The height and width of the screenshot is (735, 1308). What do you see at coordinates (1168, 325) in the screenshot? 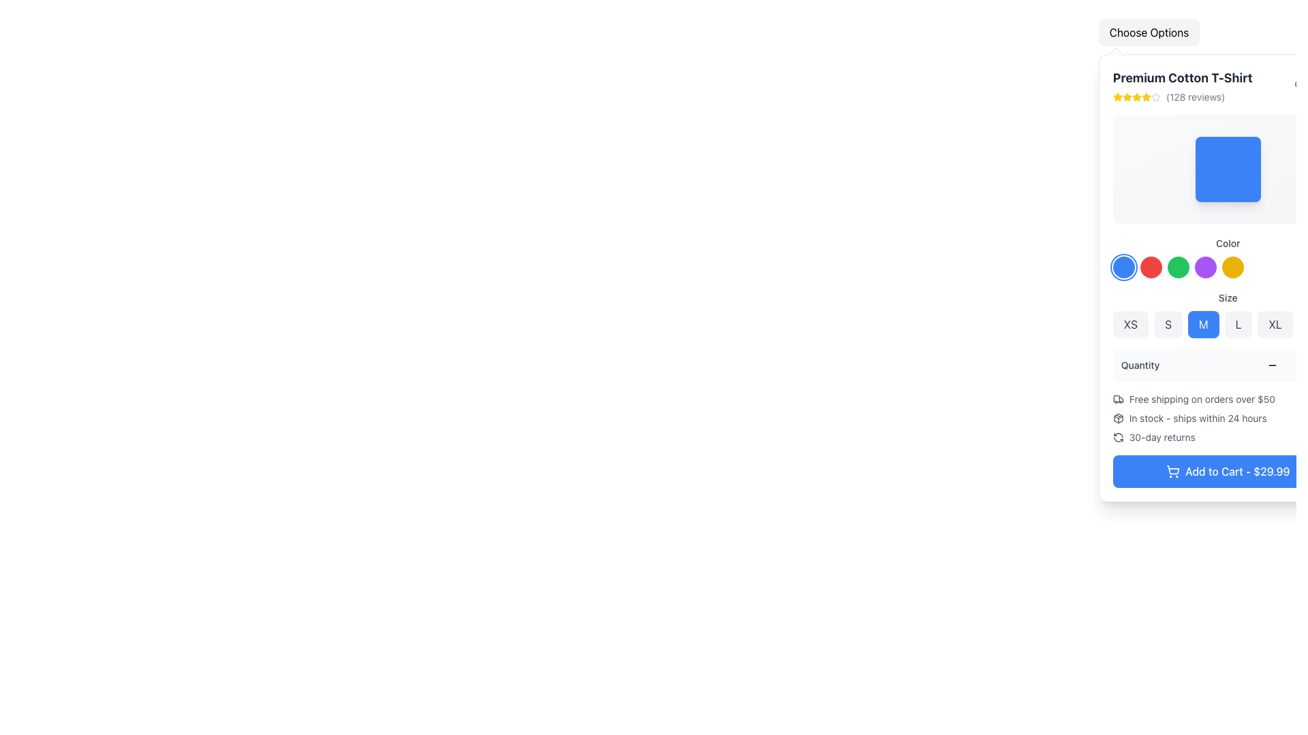
I see `the 'Small' (S) button in the size selection area` at bounding box center [1168, 325].